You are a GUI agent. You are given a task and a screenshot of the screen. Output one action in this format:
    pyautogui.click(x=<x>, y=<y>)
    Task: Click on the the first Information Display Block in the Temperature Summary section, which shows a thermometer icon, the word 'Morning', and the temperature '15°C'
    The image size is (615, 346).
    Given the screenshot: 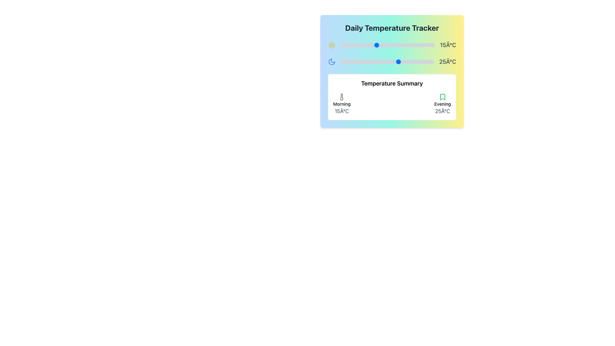 What is the action you would take?
    pyautogui.click(x=341, y=103)
    